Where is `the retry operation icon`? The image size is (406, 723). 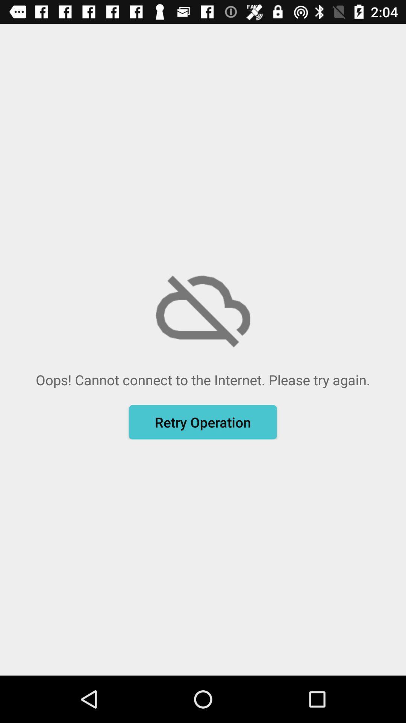 the retry operation icon is located at coordinates (202, 422).